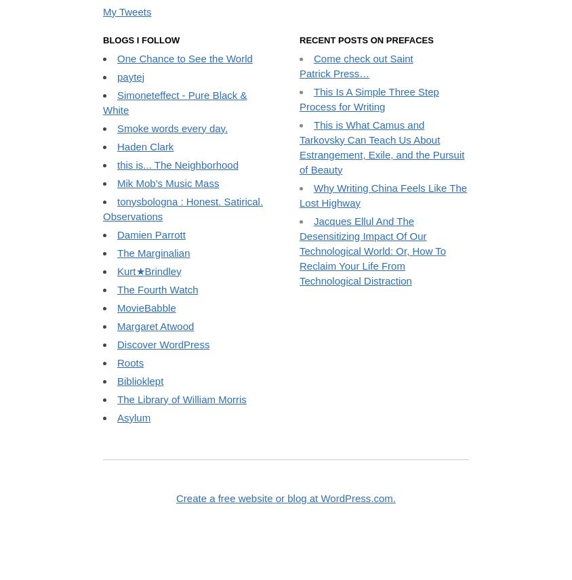  What do you see at coordinates (150, 345) in the screenshot?
I see `'Damien Parrott'` at bounding box center [150, 345].